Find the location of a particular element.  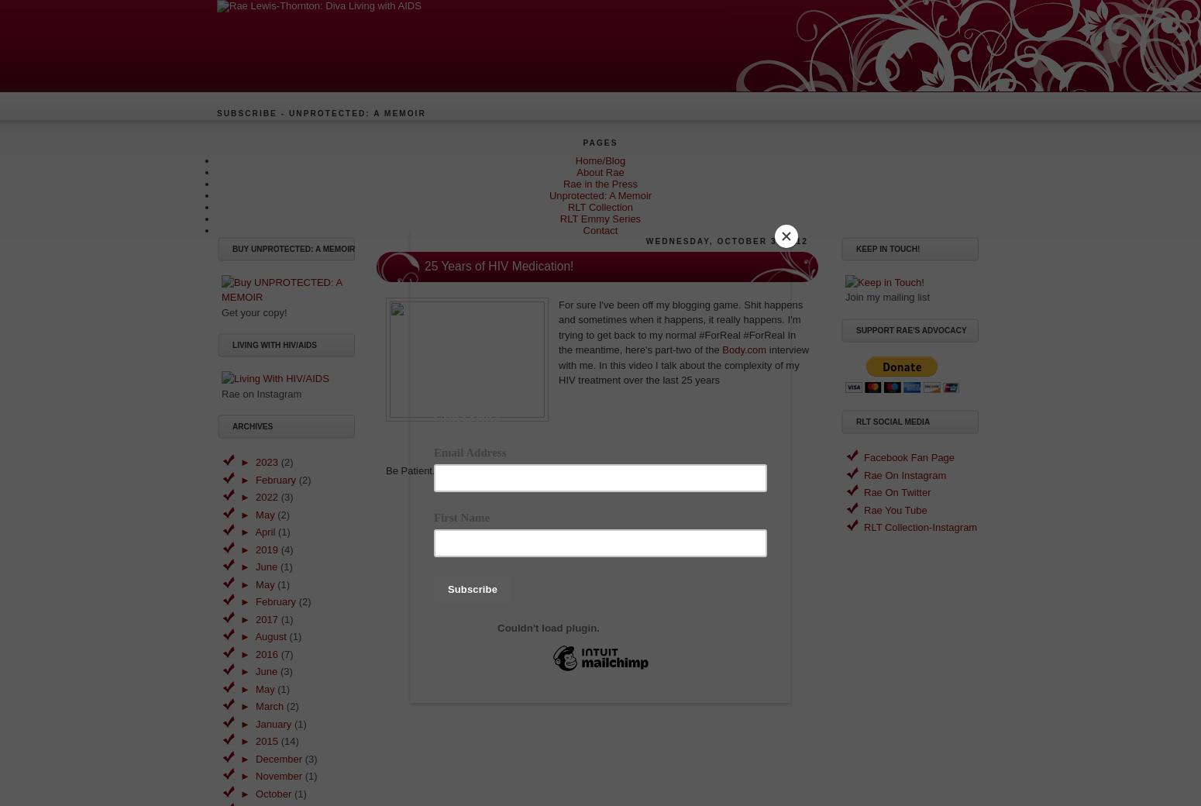

'Contact' is located at coordinates (600, 229).